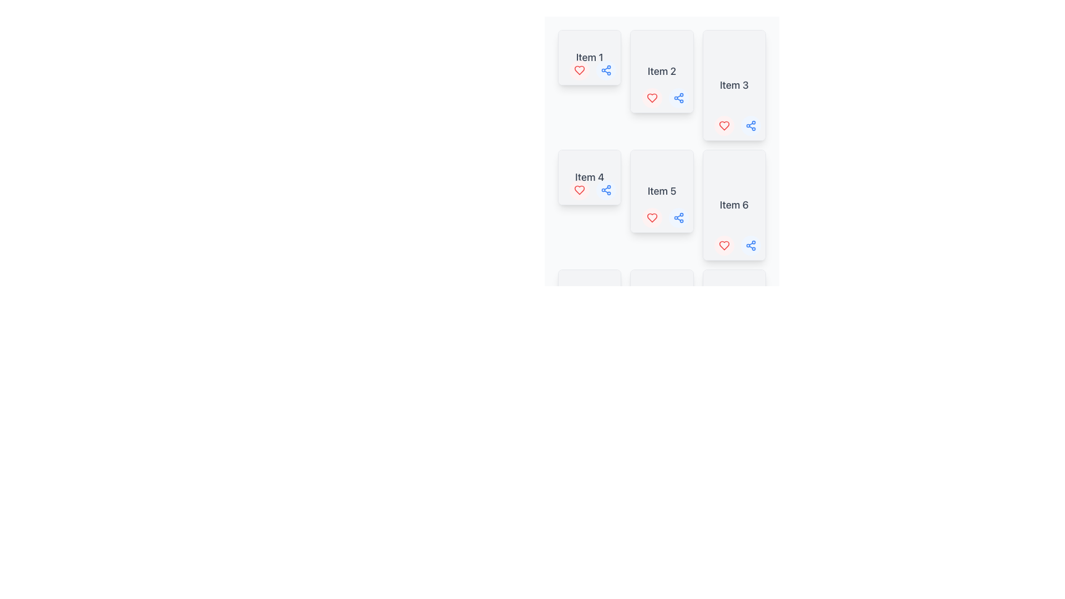  I want to click on the heart icon in the bottom-right corner of the card labeled 'Item 3' to like the item, so click(724, 125).